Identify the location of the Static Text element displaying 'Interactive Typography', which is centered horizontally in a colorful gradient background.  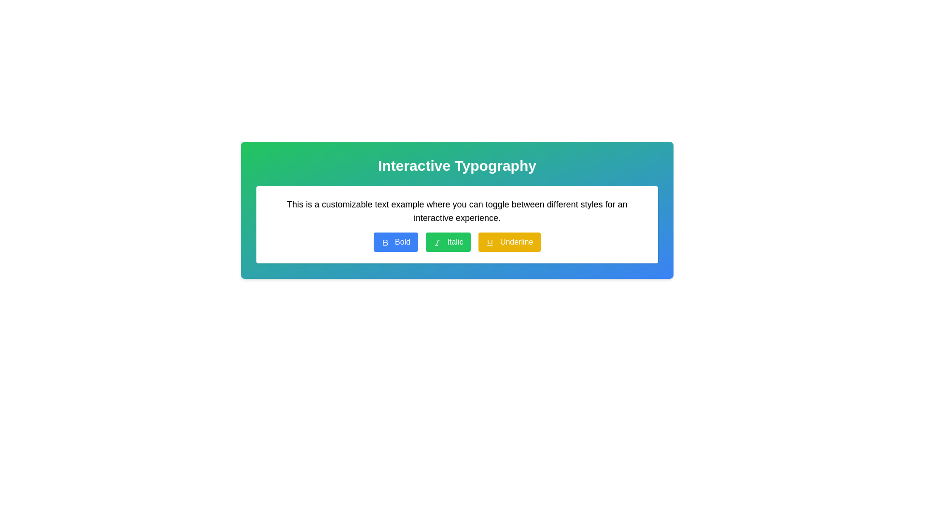
(456, 165).